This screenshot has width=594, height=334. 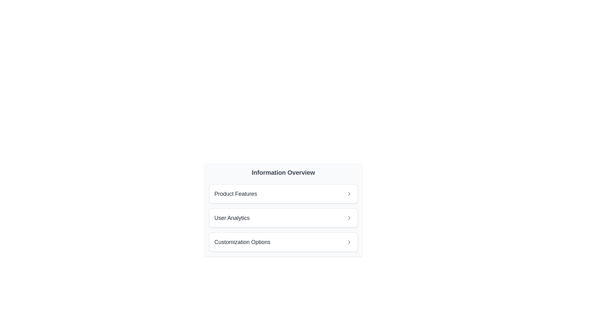 I want to click on the 'User Analytics' navigation link/button located, so click(x=283, y=218).